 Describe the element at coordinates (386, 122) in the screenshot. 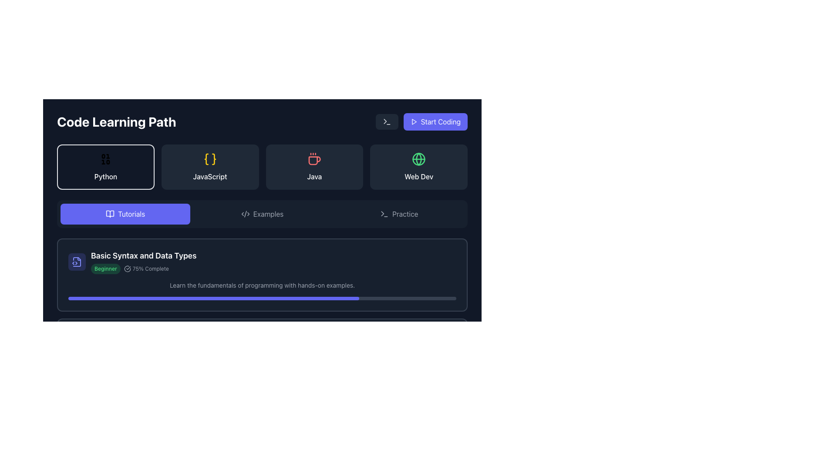

I see `the small, dark terminal-like icon located towards the top-right corner of the interface, adjacent to the 'Start Coding' button` at that location.